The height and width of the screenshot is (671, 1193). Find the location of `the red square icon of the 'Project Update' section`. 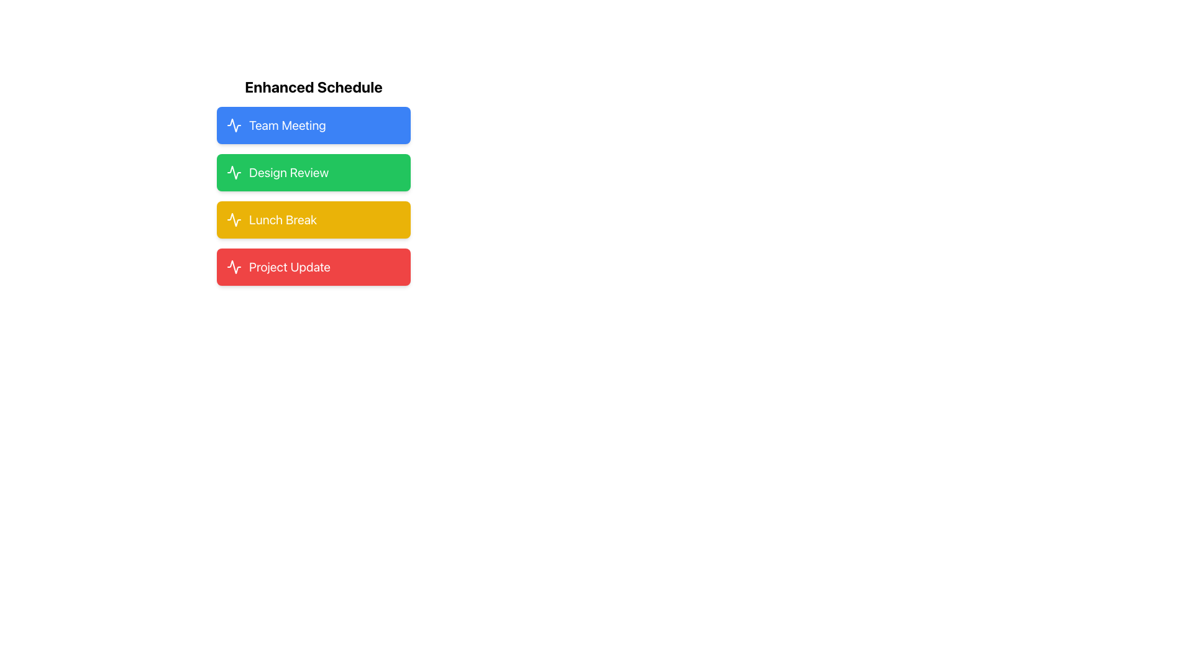

the red square icon of the 'Project Update' section is located at coordinates (234, 266).